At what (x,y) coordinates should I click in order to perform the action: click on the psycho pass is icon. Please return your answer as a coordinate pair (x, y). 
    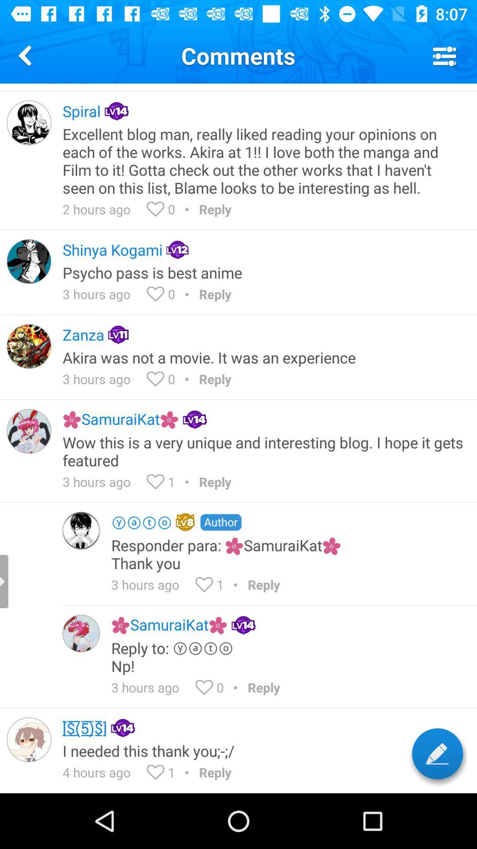
    Looking at the image, I should click on (263, 272).